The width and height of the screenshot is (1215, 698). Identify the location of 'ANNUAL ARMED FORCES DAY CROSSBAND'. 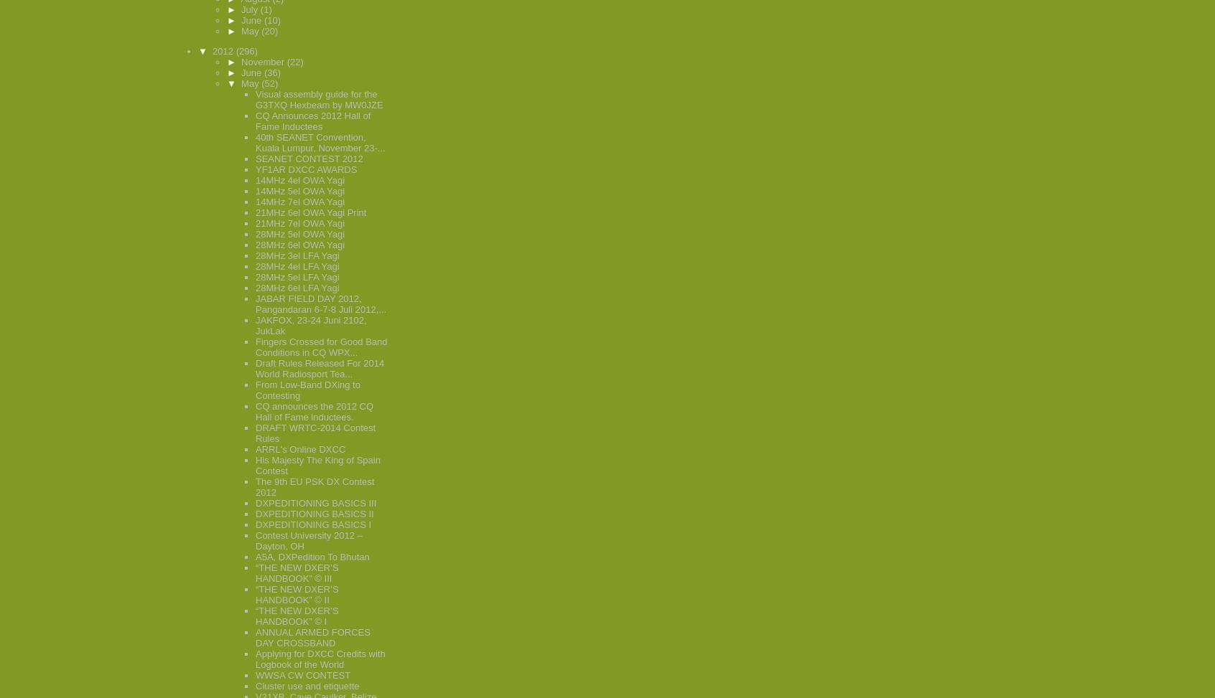
(312, 638).